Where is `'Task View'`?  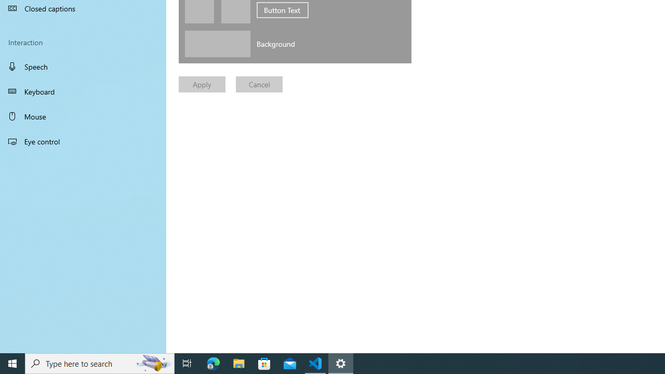
'Task View' is located at coordinates (187, 363).